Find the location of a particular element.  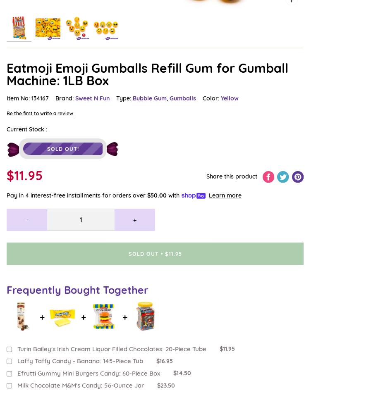

'Accessibility Statement' is located at coordinates (38, 149).